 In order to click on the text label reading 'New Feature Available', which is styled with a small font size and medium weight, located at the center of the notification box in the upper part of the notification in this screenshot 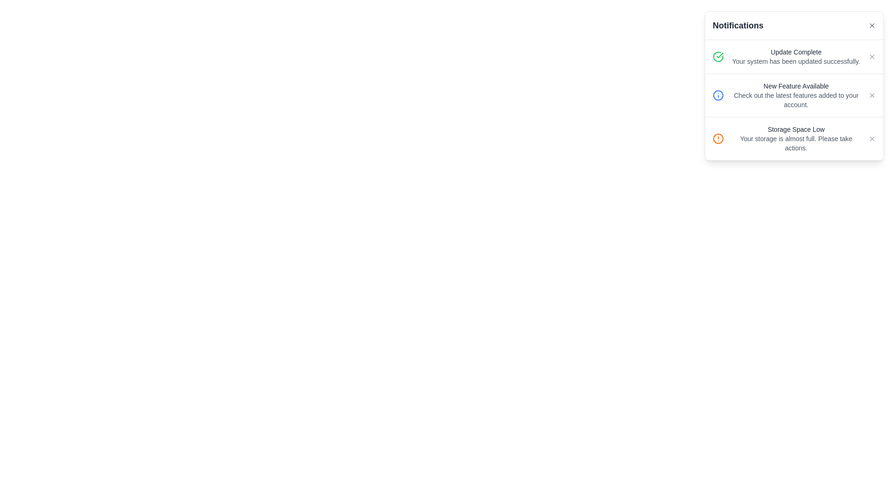, I will do `click(796, 86)`.